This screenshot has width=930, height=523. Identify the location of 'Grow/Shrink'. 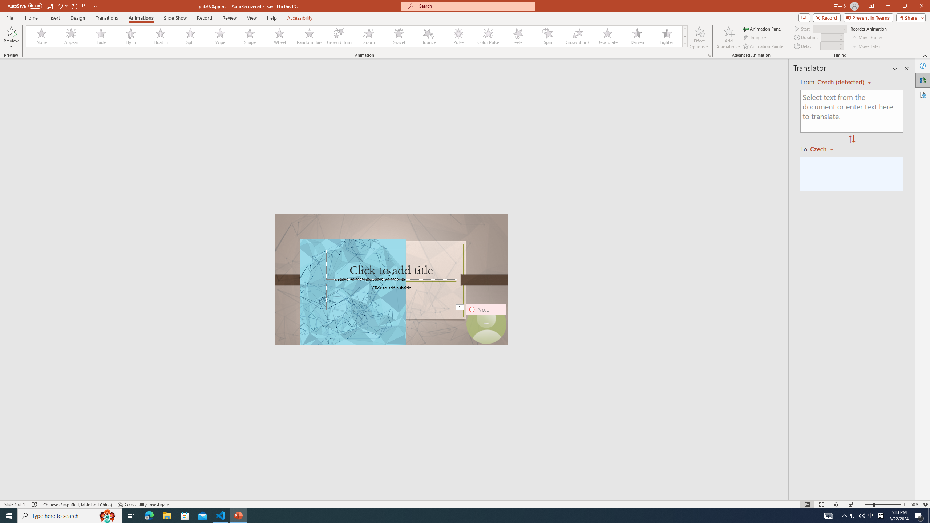
(577, 36).